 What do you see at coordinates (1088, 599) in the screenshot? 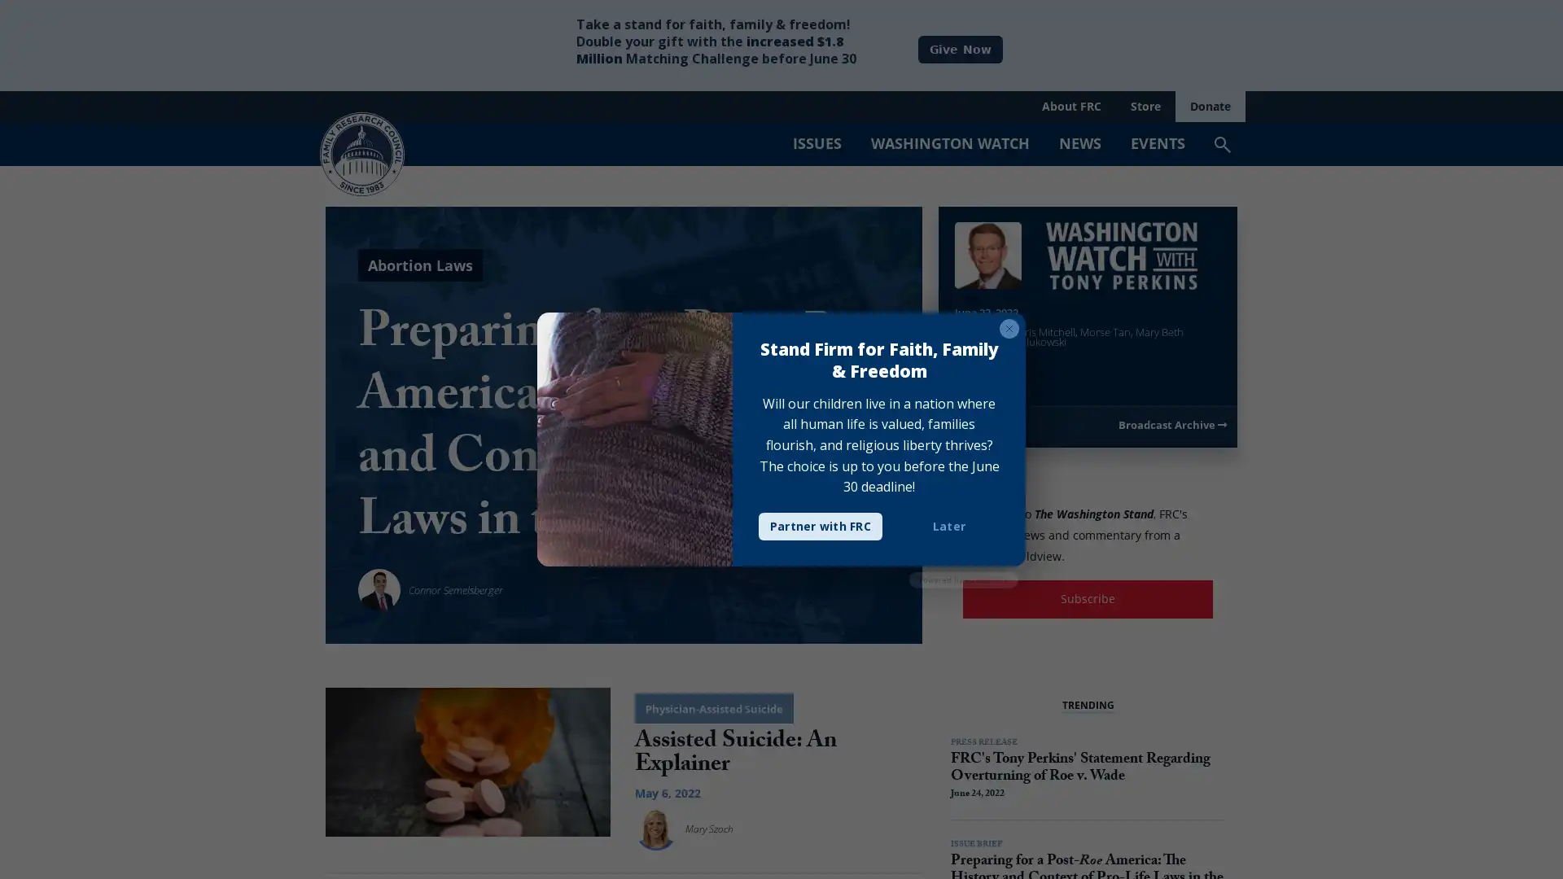
I see `Subscribe` at bounding box center [1088, 599].